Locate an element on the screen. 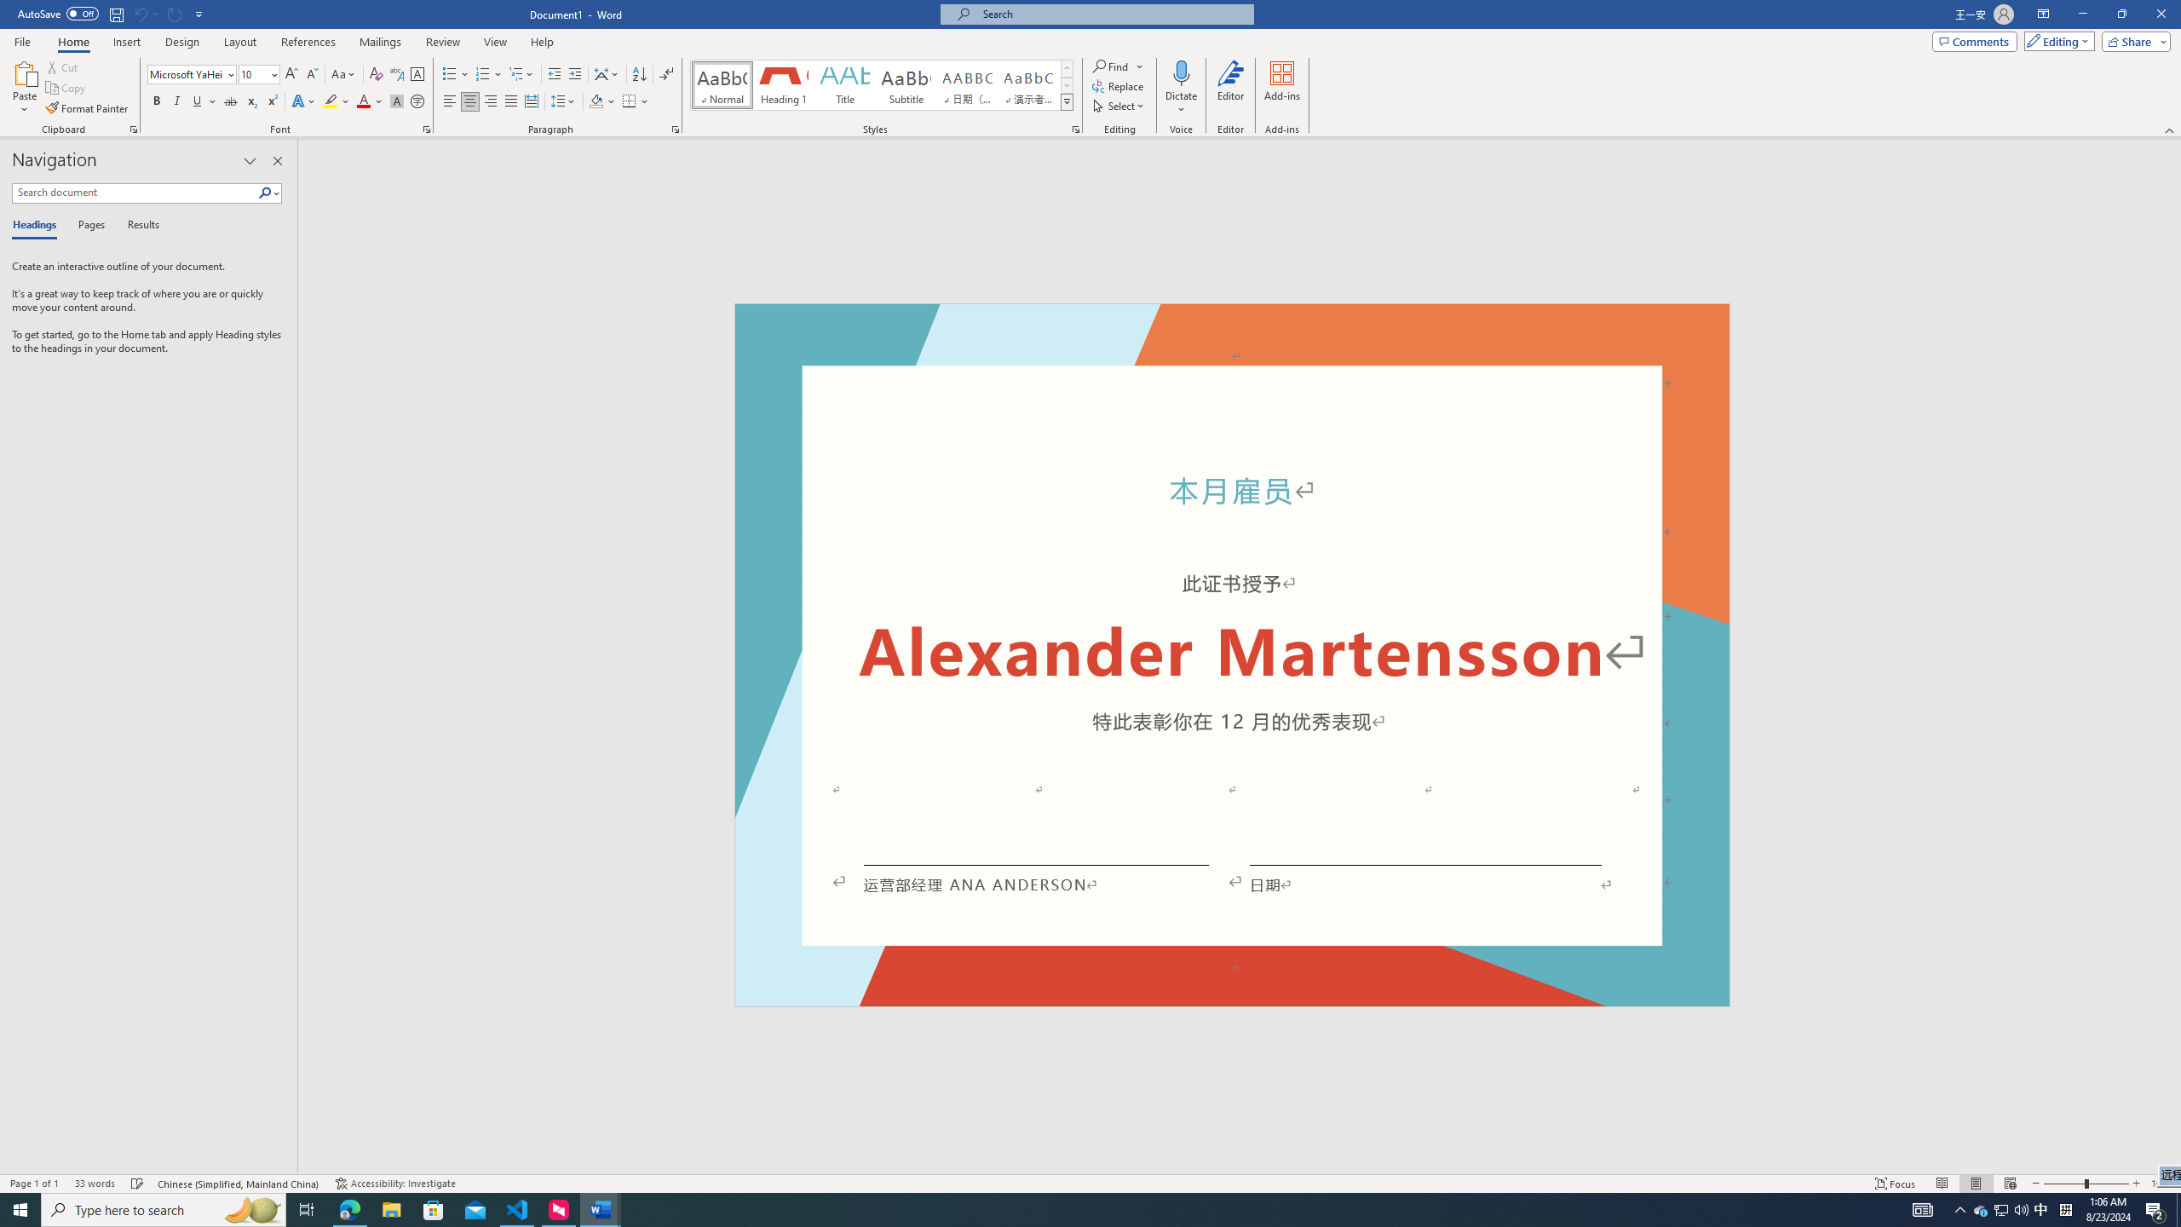 The image size is (2181, 1227). 'Text Effects and Typography' is located at coordinates (302, 101).